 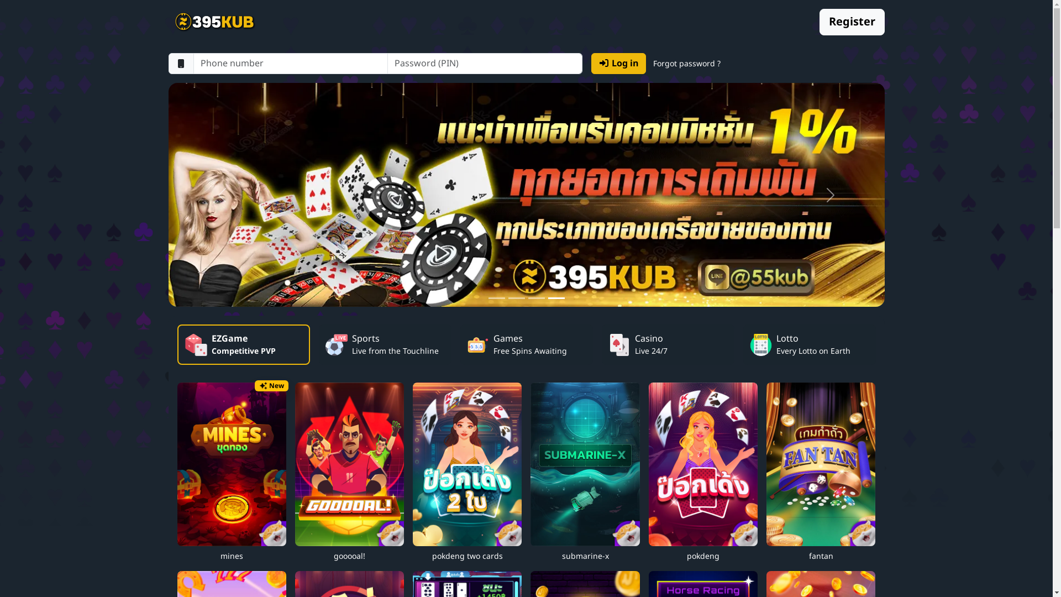 What do you see at coordinates (221, 194) in the screenshot?
I see `'Previous'` at bounding box center [221, 194].